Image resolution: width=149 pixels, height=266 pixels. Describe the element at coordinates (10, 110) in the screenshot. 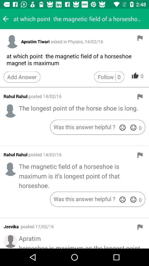

I see `user profile` at that location.